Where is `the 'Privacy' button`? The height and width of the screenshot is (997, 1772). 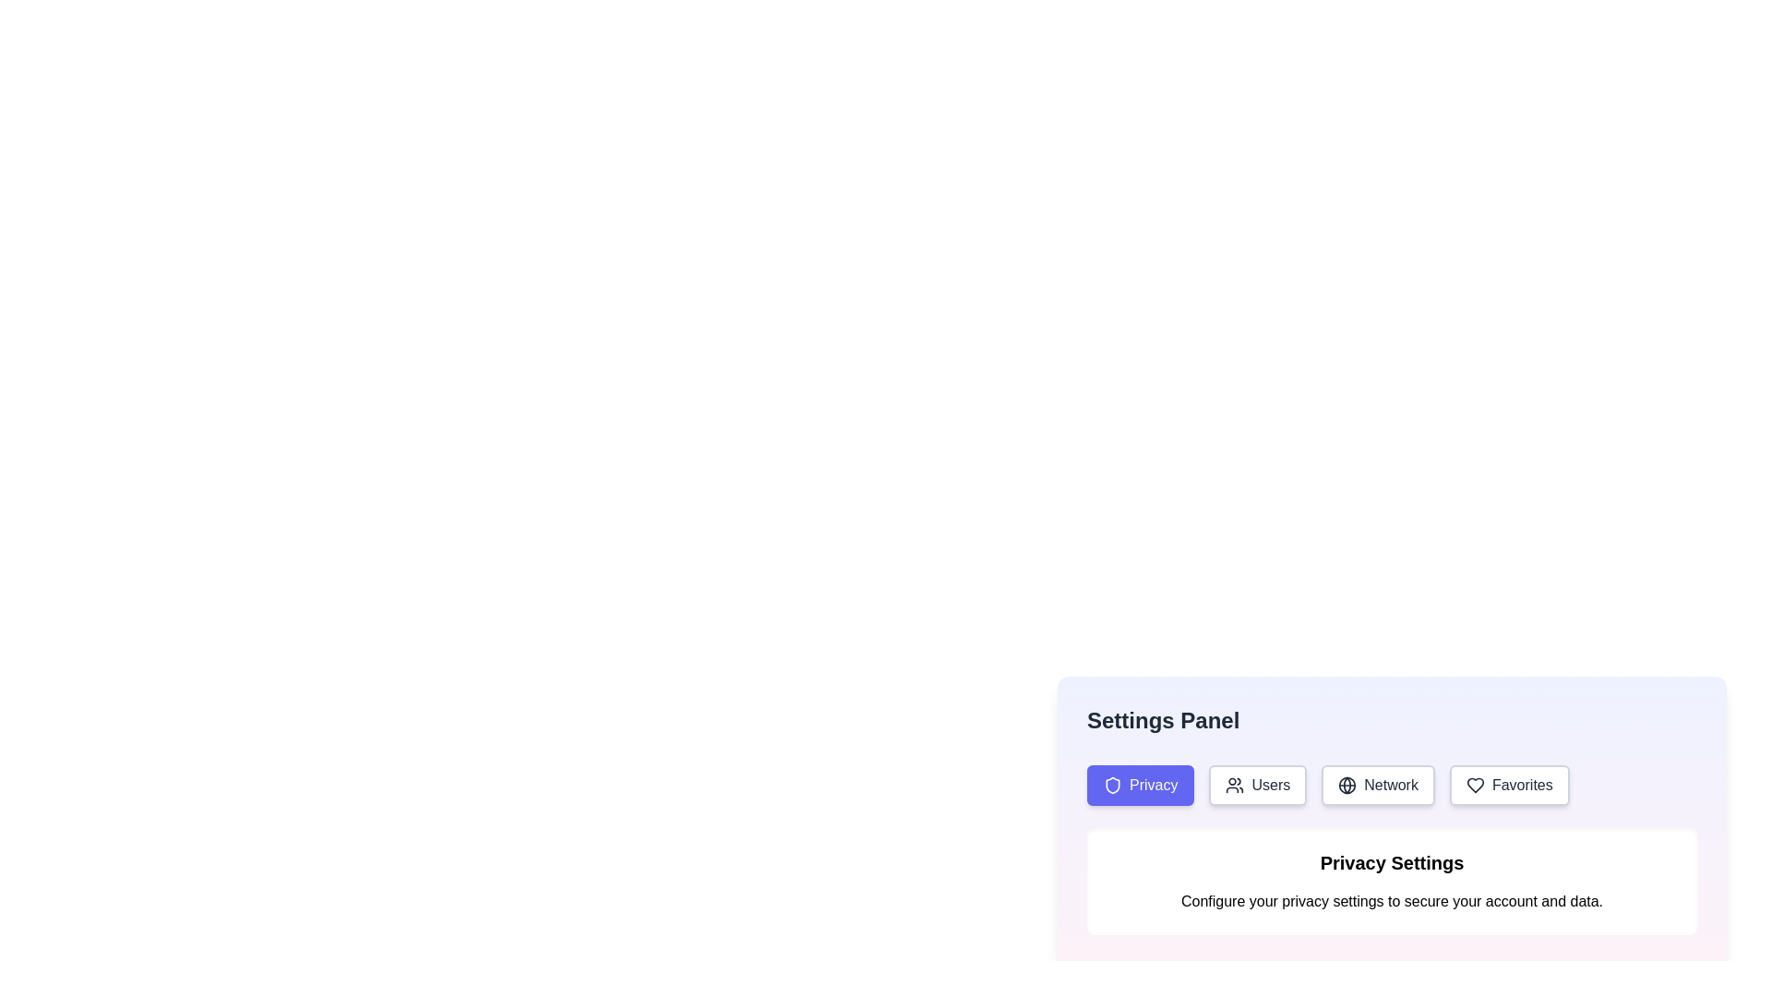 the 'Privacy' button is located at coordinates (1140, 786).